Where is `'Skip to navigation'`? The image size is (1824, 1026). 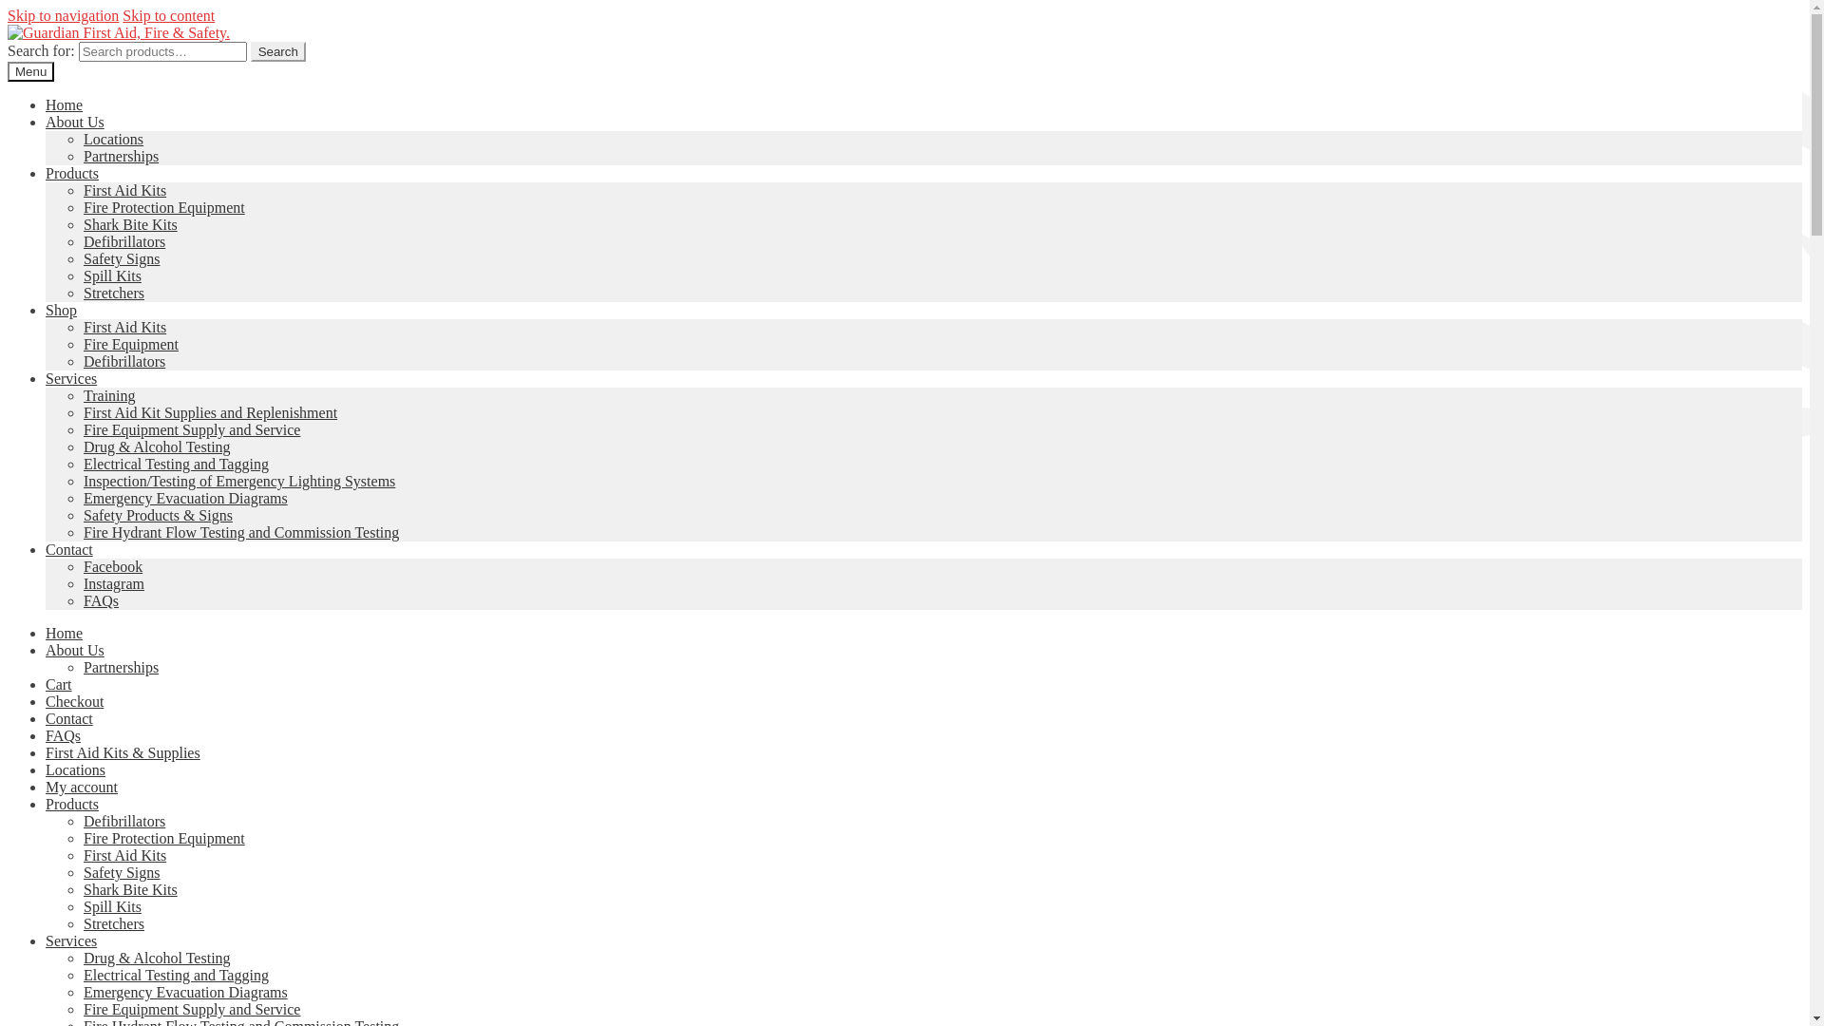 'Skip to navigation' is located at coordinates (63, 15).